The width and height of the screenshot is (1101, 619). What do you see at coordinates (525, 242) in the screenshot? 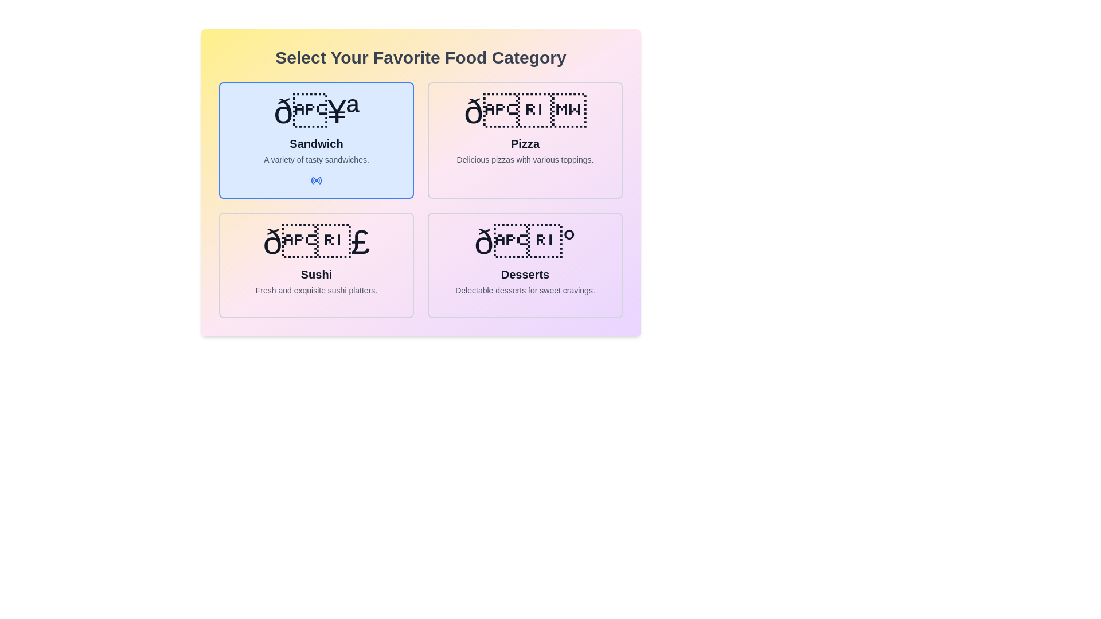
I see `the large black emoji icon located at the top of the 'Desserts' card section, positioned directly above the text 'Desserts'` at bounding box center [525, 242].